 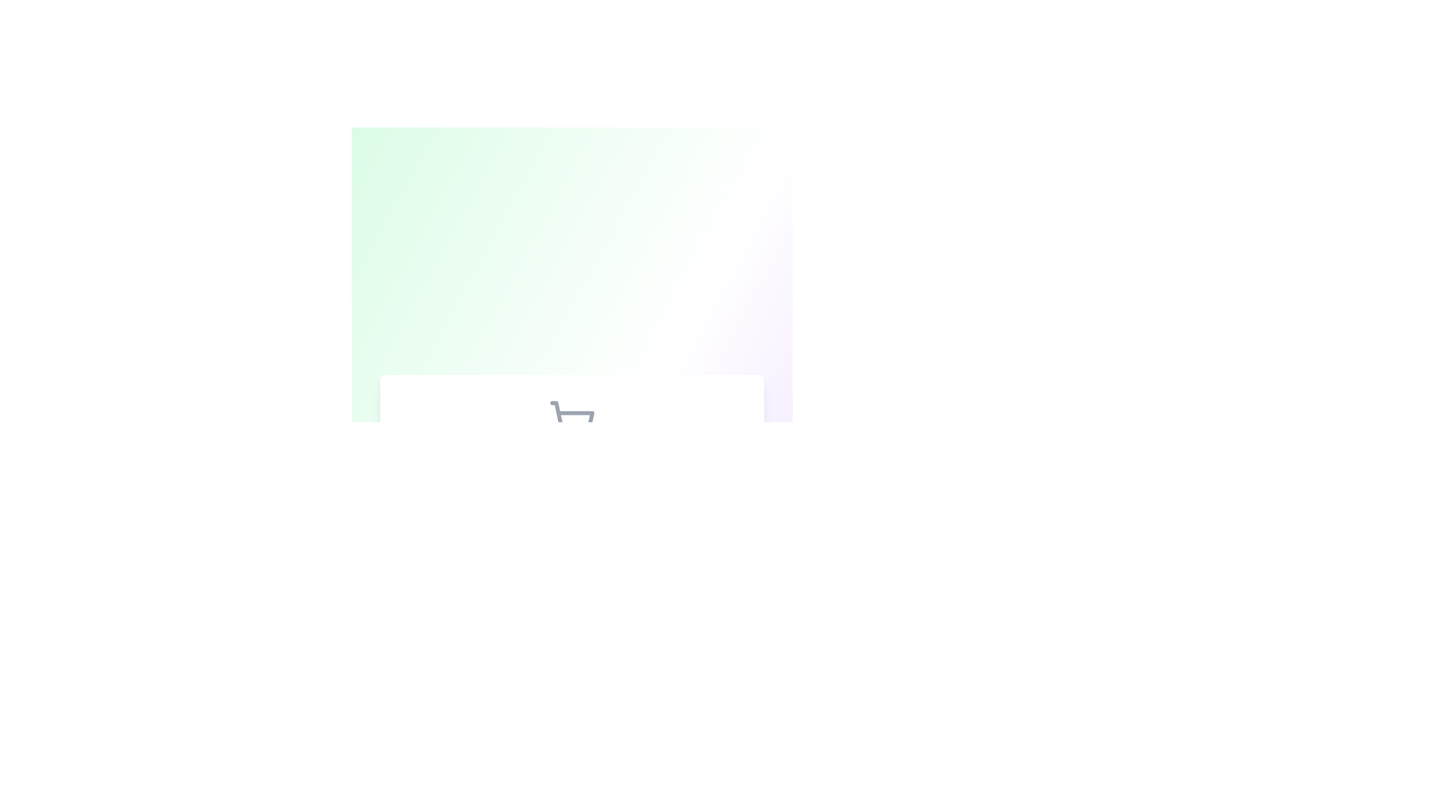 I want to click on the main body of the shopping cart represented in the SVG illustration, so click(x=571, y=417).